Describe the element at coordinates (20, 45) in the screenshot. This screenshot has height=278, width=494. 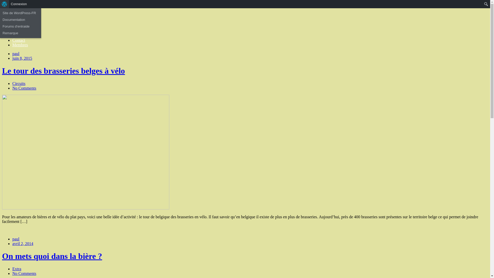
I see `'Membres'` at that location.